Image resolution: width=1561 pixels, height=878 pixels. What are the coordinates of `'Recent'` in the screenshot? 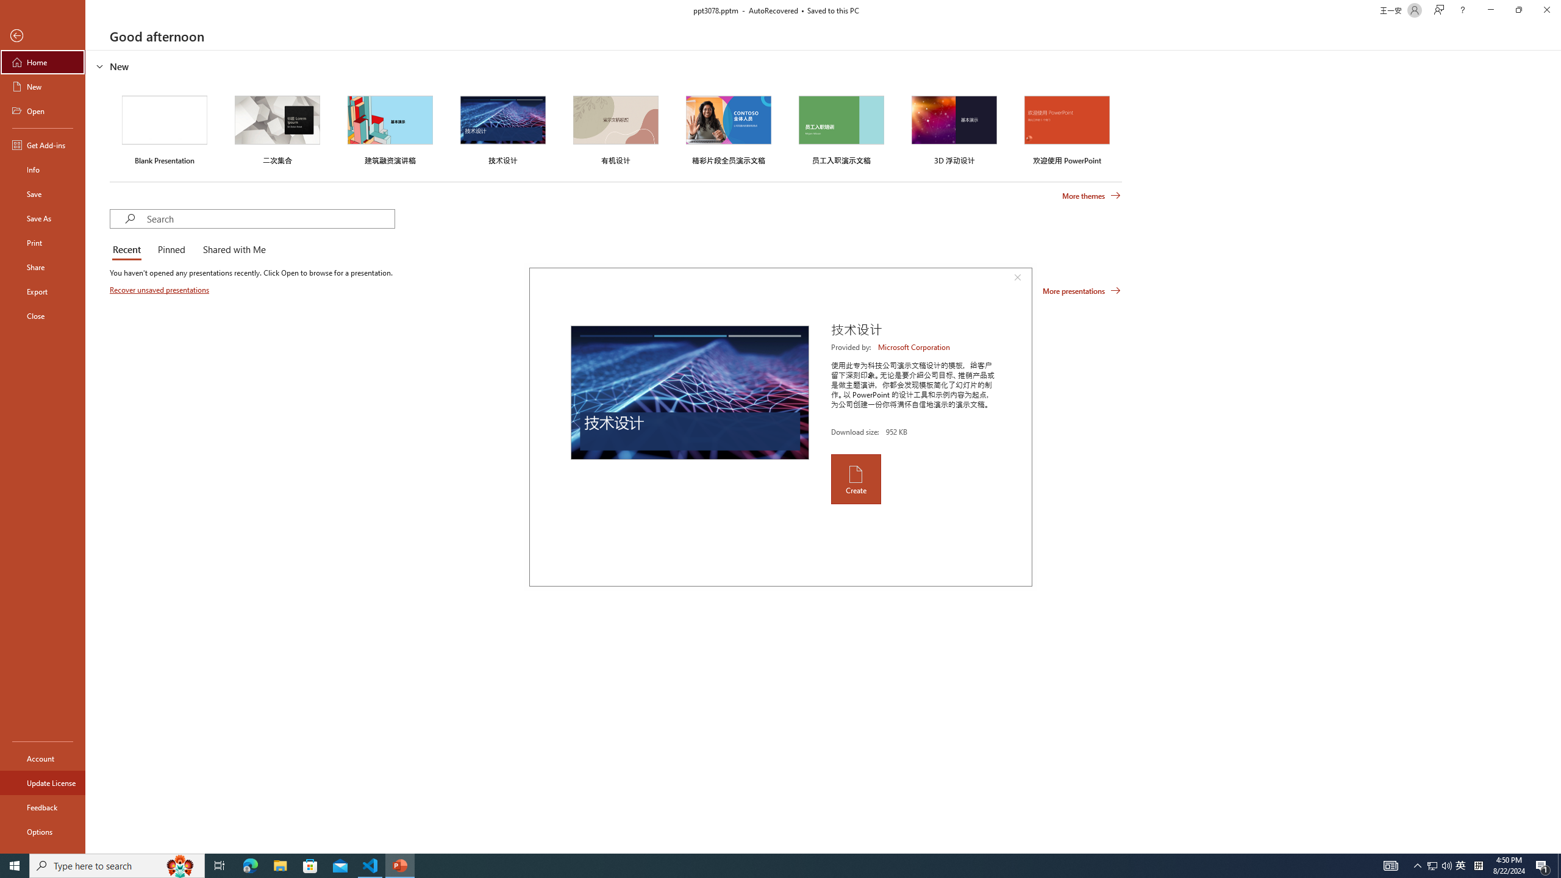 It's located at (129, 250).